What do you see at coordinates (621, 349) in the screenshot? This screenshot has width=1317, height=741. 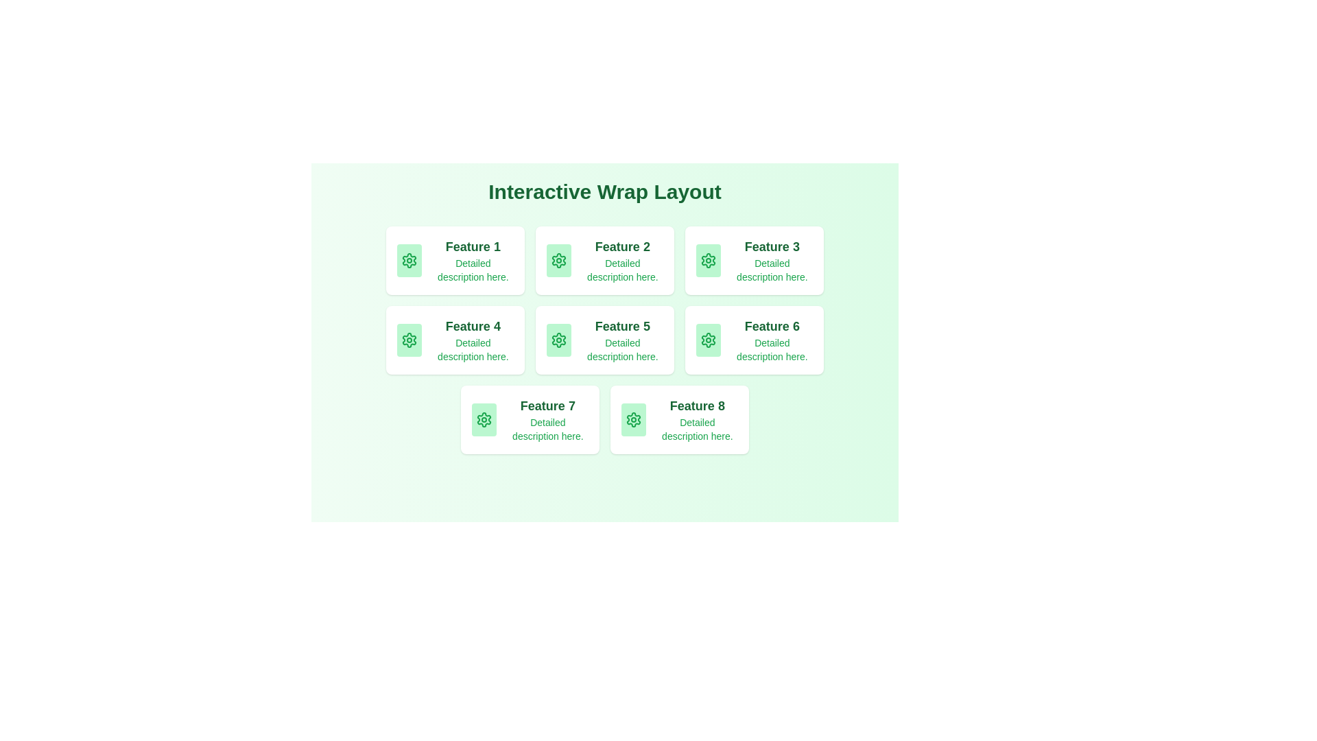 I see `the descriptive text element located beneath the title 'Feature 5' in the card labeled 'Feature 5', which is part of a double-text layout` at bounding box center [621, 349].